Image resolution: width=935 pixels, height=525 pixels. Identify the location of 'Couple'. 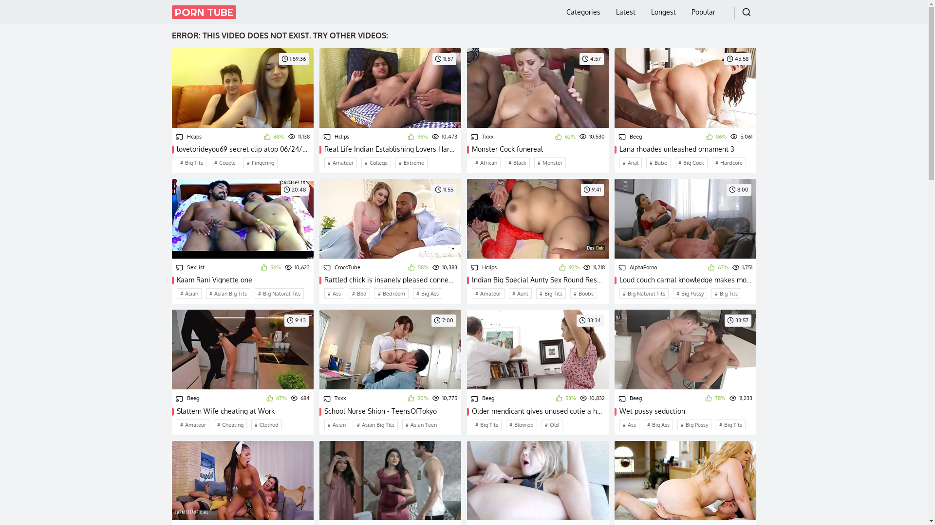
(224, 162).